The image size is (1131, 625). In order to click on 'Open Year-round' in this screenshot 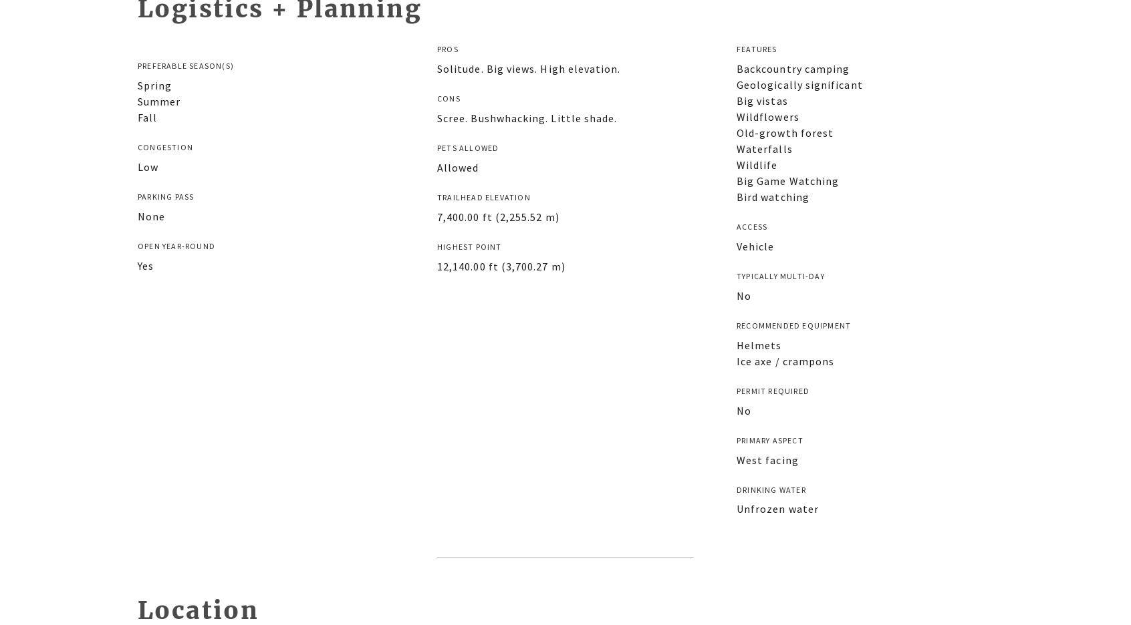, I will do `click(176, 245)`.